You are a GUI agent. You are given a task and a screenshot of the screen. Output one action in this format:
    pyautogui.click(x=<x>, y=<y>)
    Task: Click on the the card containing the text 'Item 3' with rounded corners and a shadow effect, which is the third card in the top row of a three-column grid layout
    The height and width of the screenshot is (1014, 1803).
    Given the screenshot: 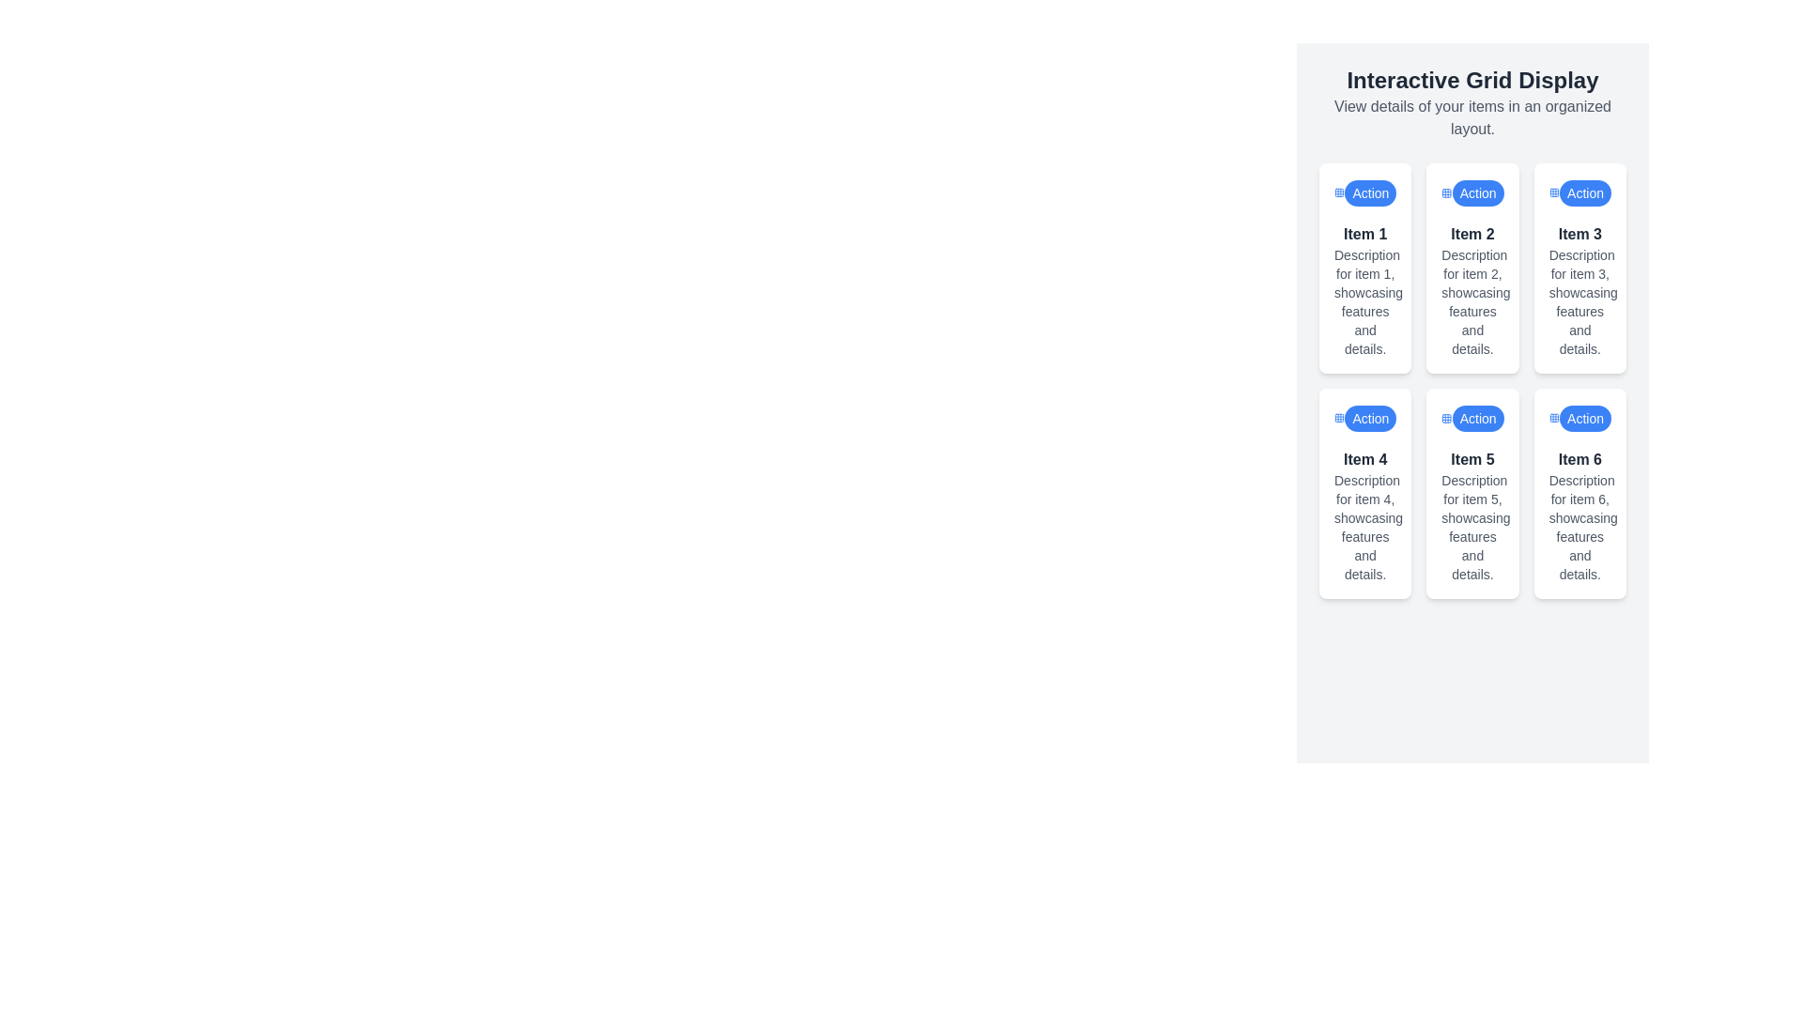 What is the action you would take?
    pyautogui.click(x=1579, y=268)
    